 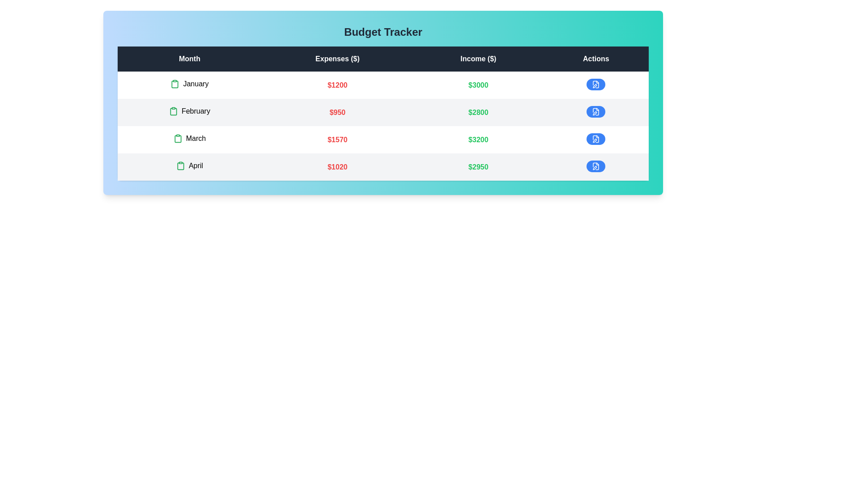 What do you see at coordinates (383, 85) in the screenshot?
I see `the row corresponding to January` at bounding box center [383, 85].